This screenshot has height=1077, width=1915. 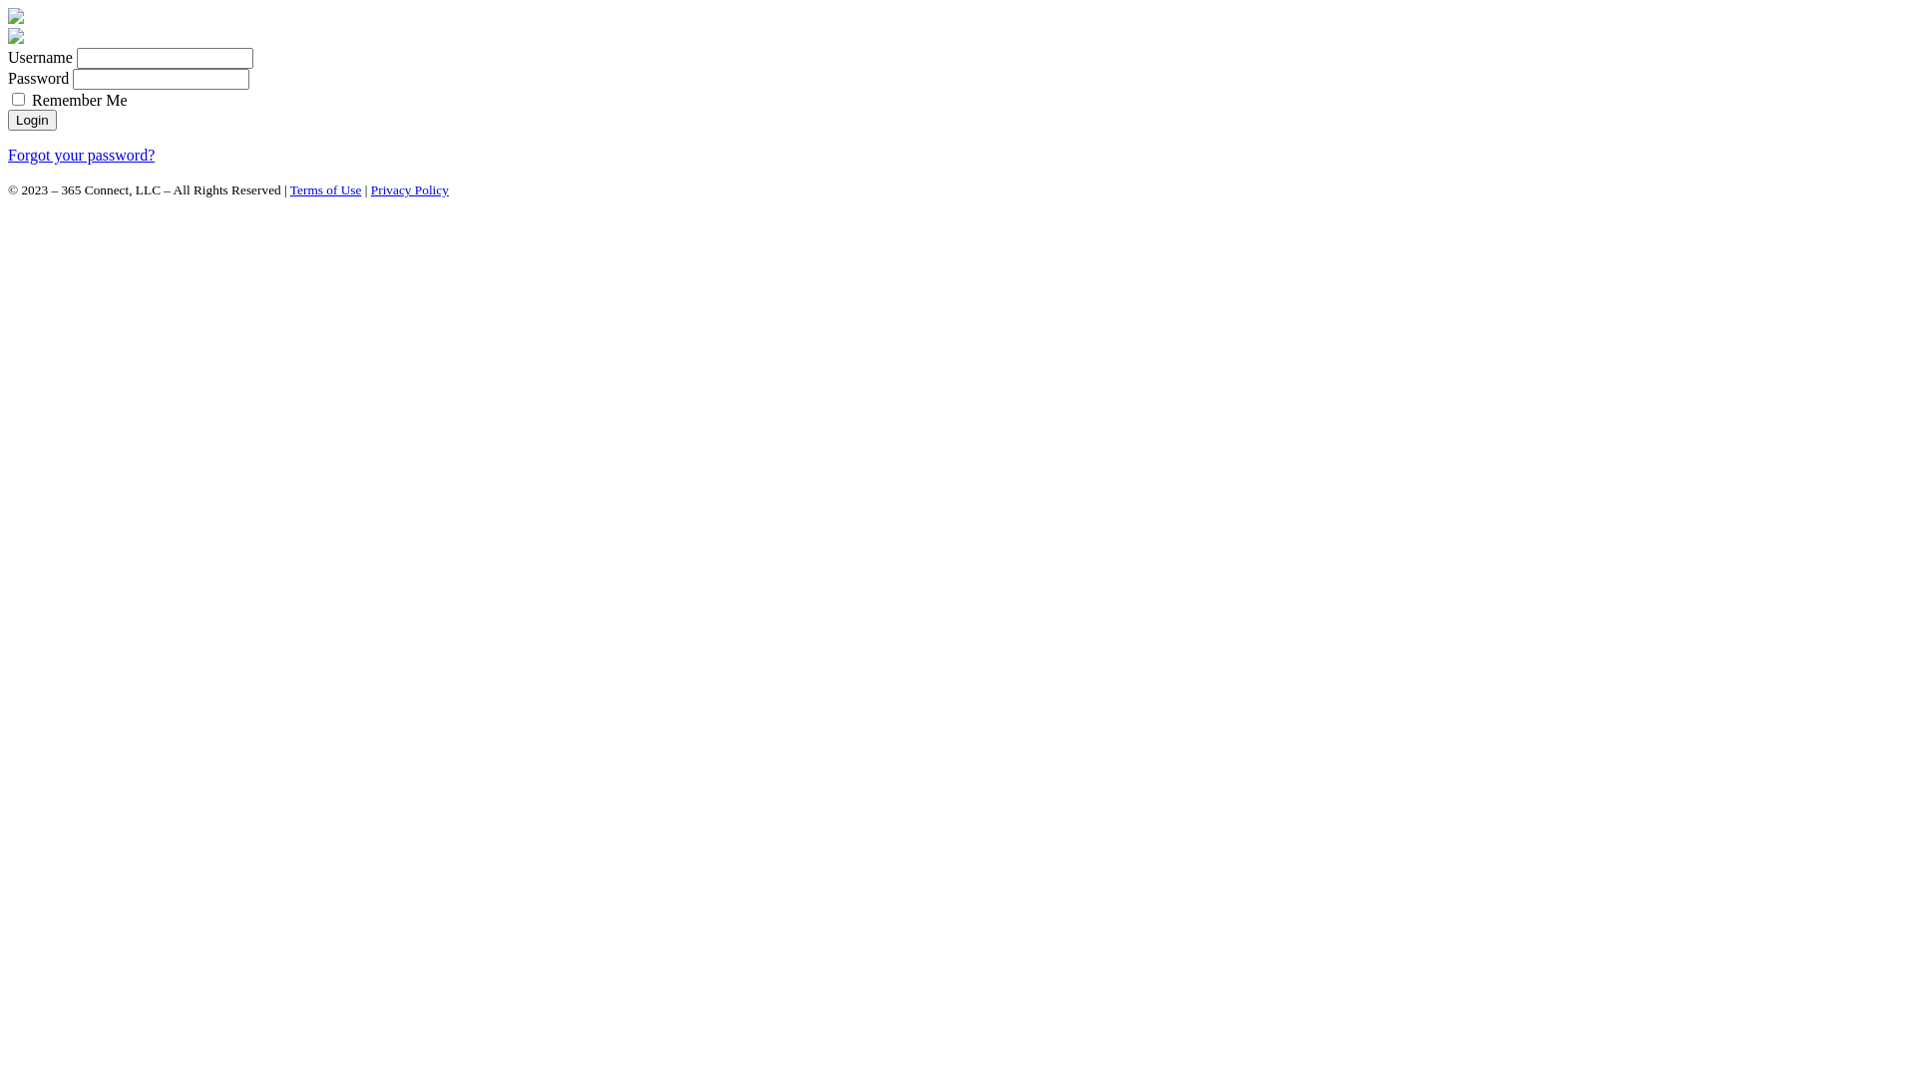 What do you see at coordinates (80, 154) in the screenshot?
I see `'Forgot your password?'` at bounding box center [80, 154].